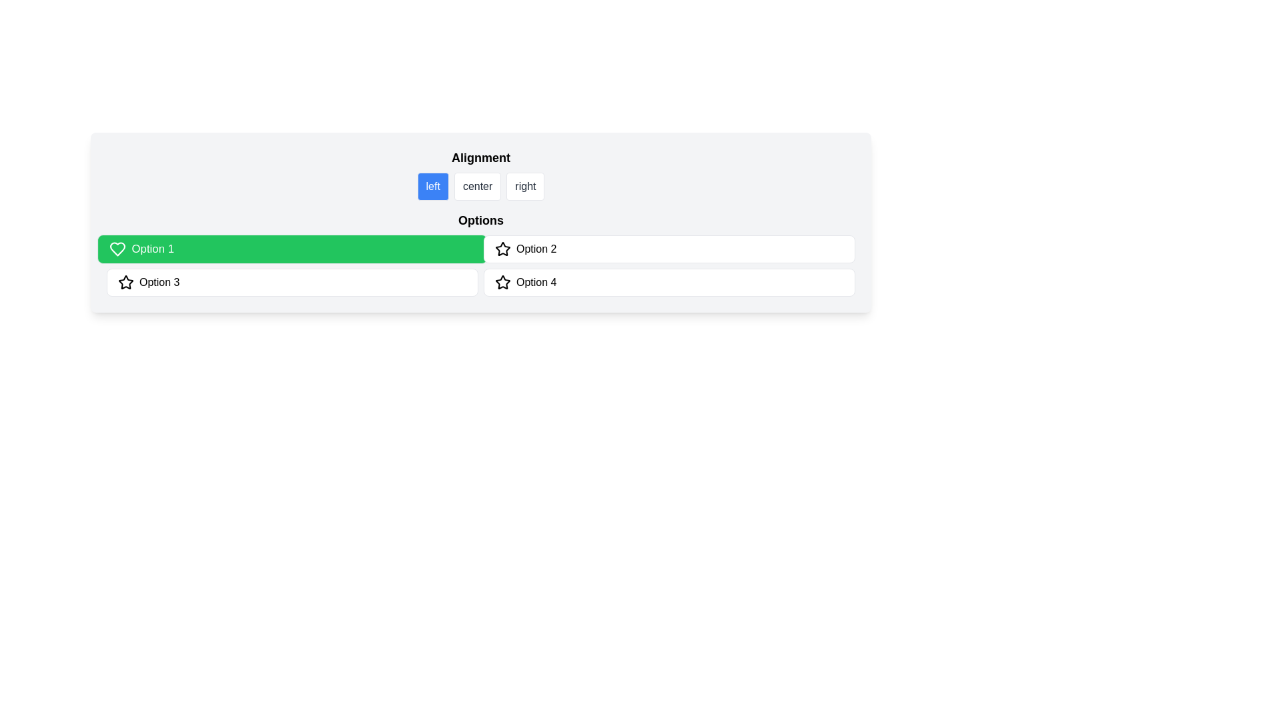  Describe the element at coordinates (480, 157) in the screenshot. I see `the text label displaying the word 'Alignment', which is bold and distinct as a heading, located at the top of a vertical group above three buttons labeled 'left', 'center', and 'right'` at that location.